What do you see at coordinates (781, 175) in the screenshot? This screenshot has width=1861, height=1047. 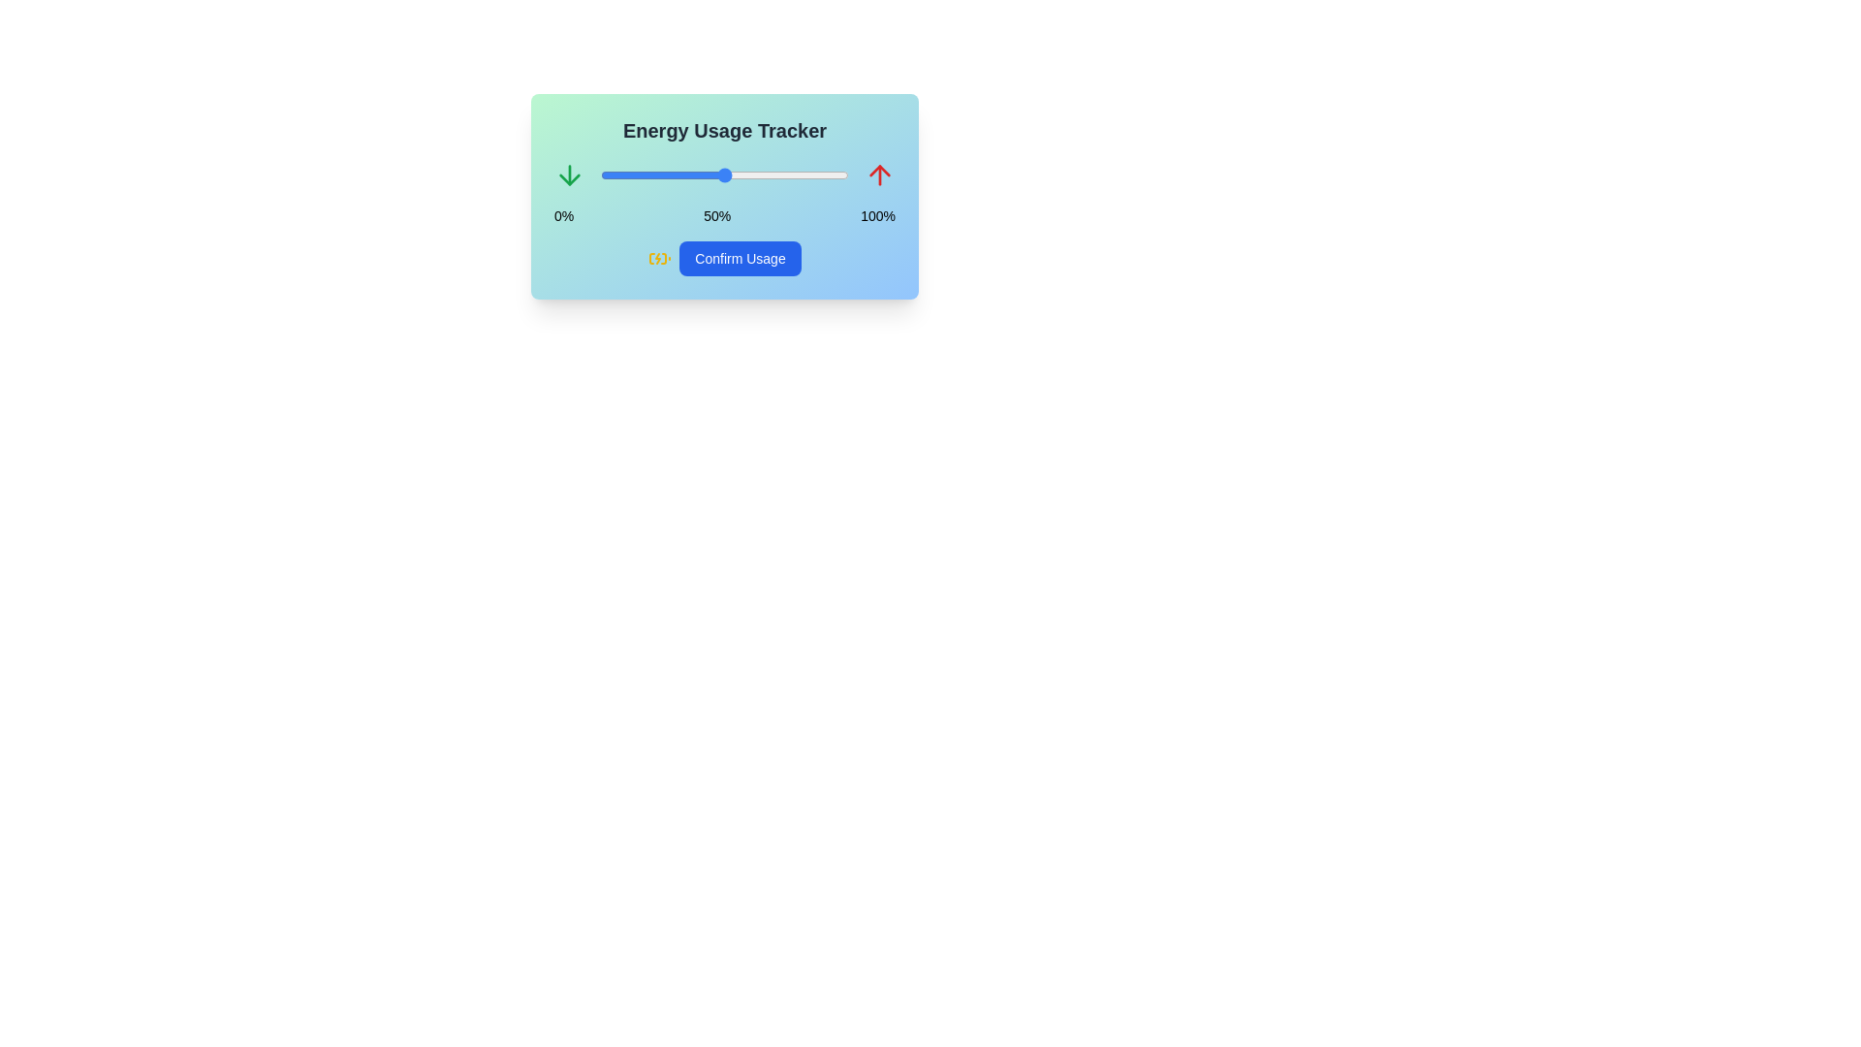 I see `the energy usage slider to 73%` at bounding box center [781, 175].